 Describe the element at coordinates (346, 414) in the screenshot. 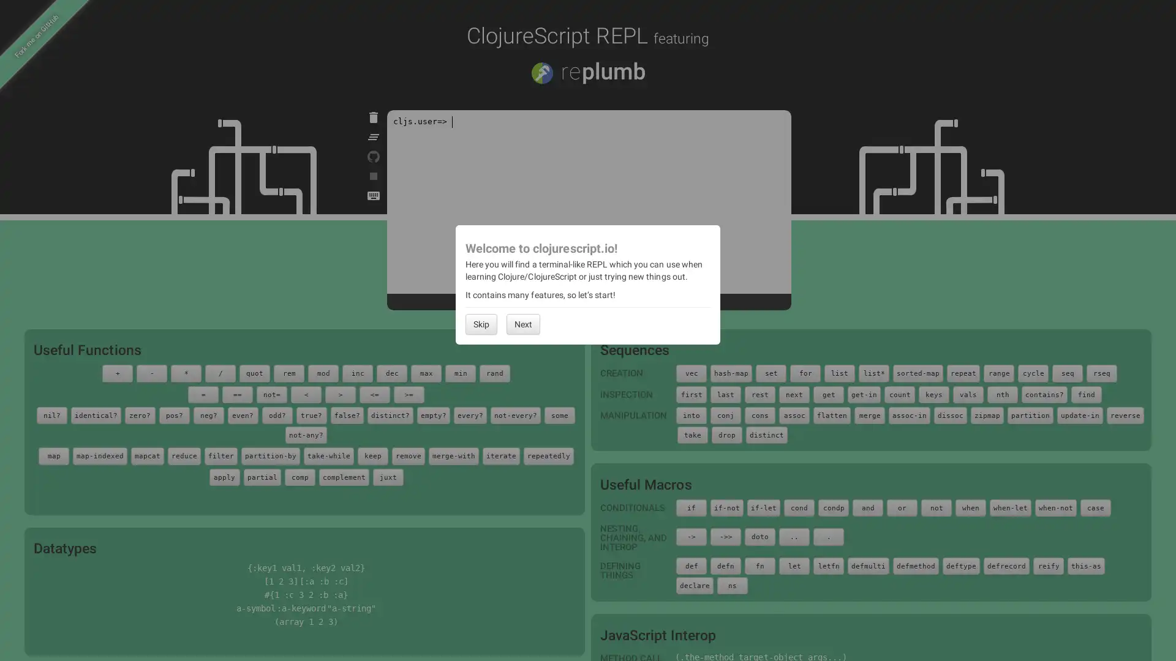

I see `false?` at that location.